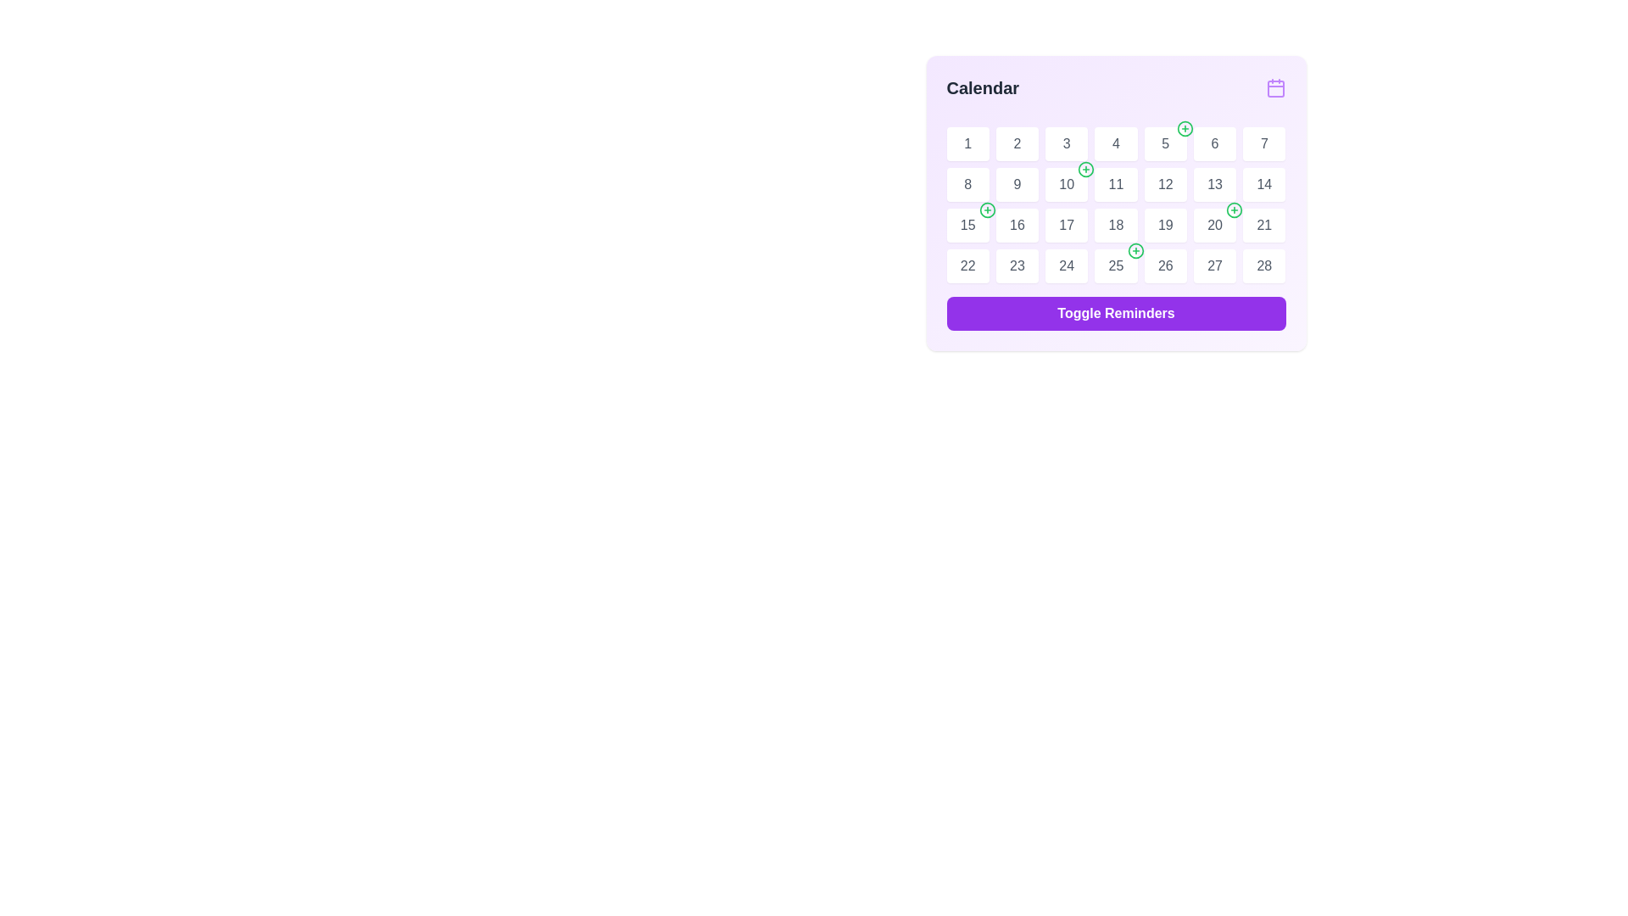 The image size is (1628, 916). What do you see at coordinates (1065, 185) in the screenshot?
I see `the calendar day box displaying the number '10'` at bounding box center [1065, 185].